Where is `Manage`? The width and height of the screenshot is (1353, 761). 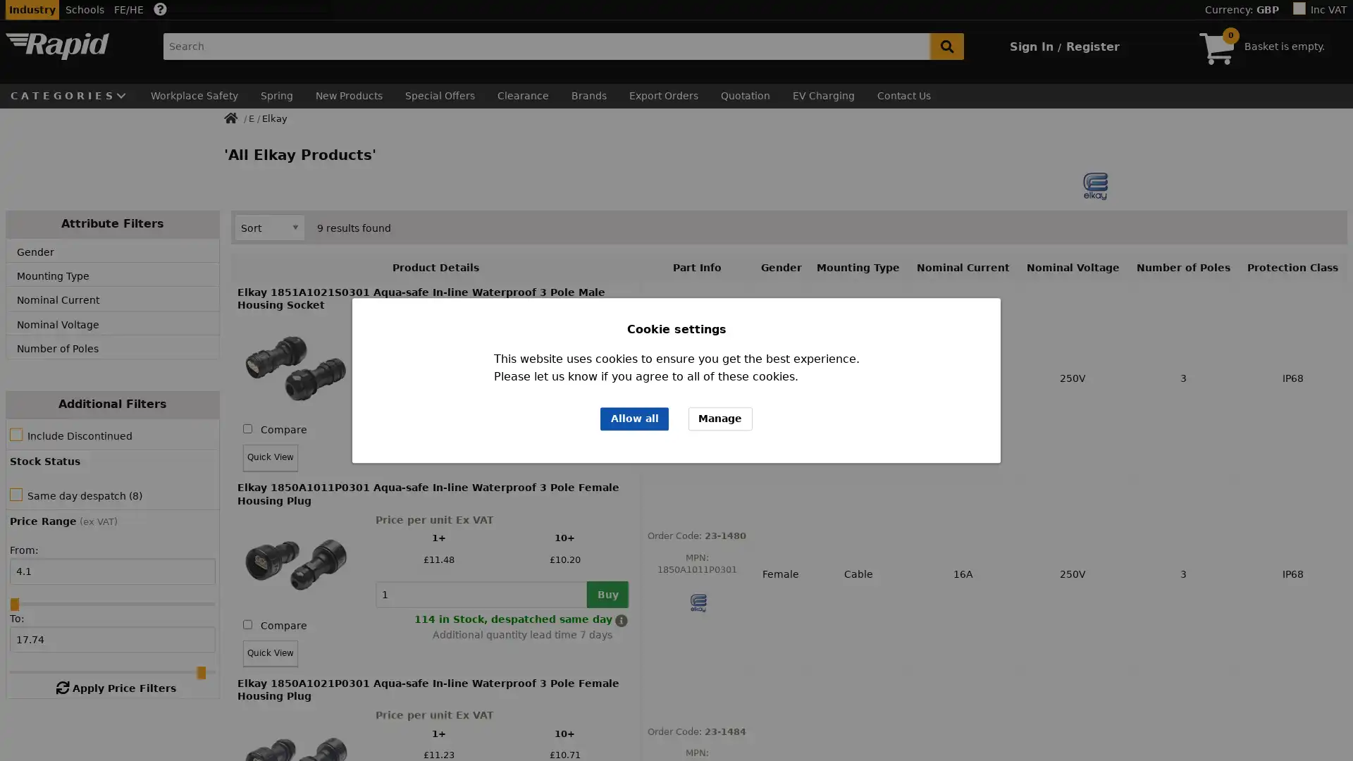
Manage is located at coordinates (720, 418).